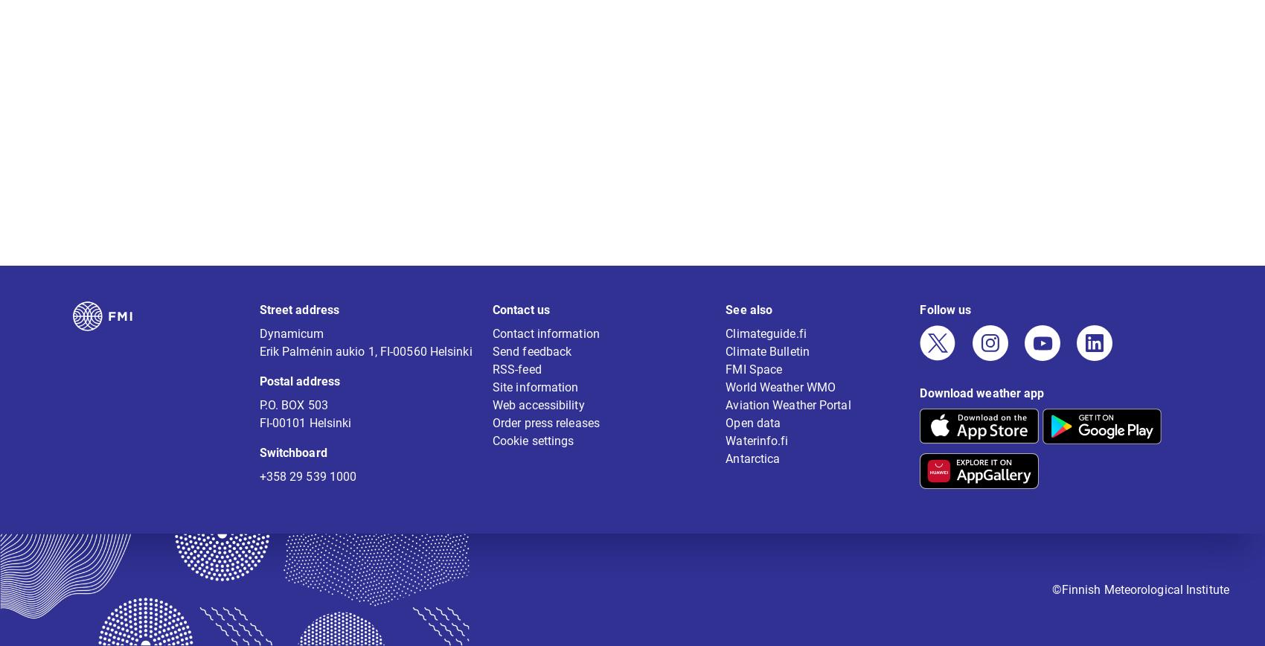 The height and width of the screenshot is (646, 1265). Describe the element at coordinates (753, 379) in the screenshot. I see `'FMI Space'` at that location.